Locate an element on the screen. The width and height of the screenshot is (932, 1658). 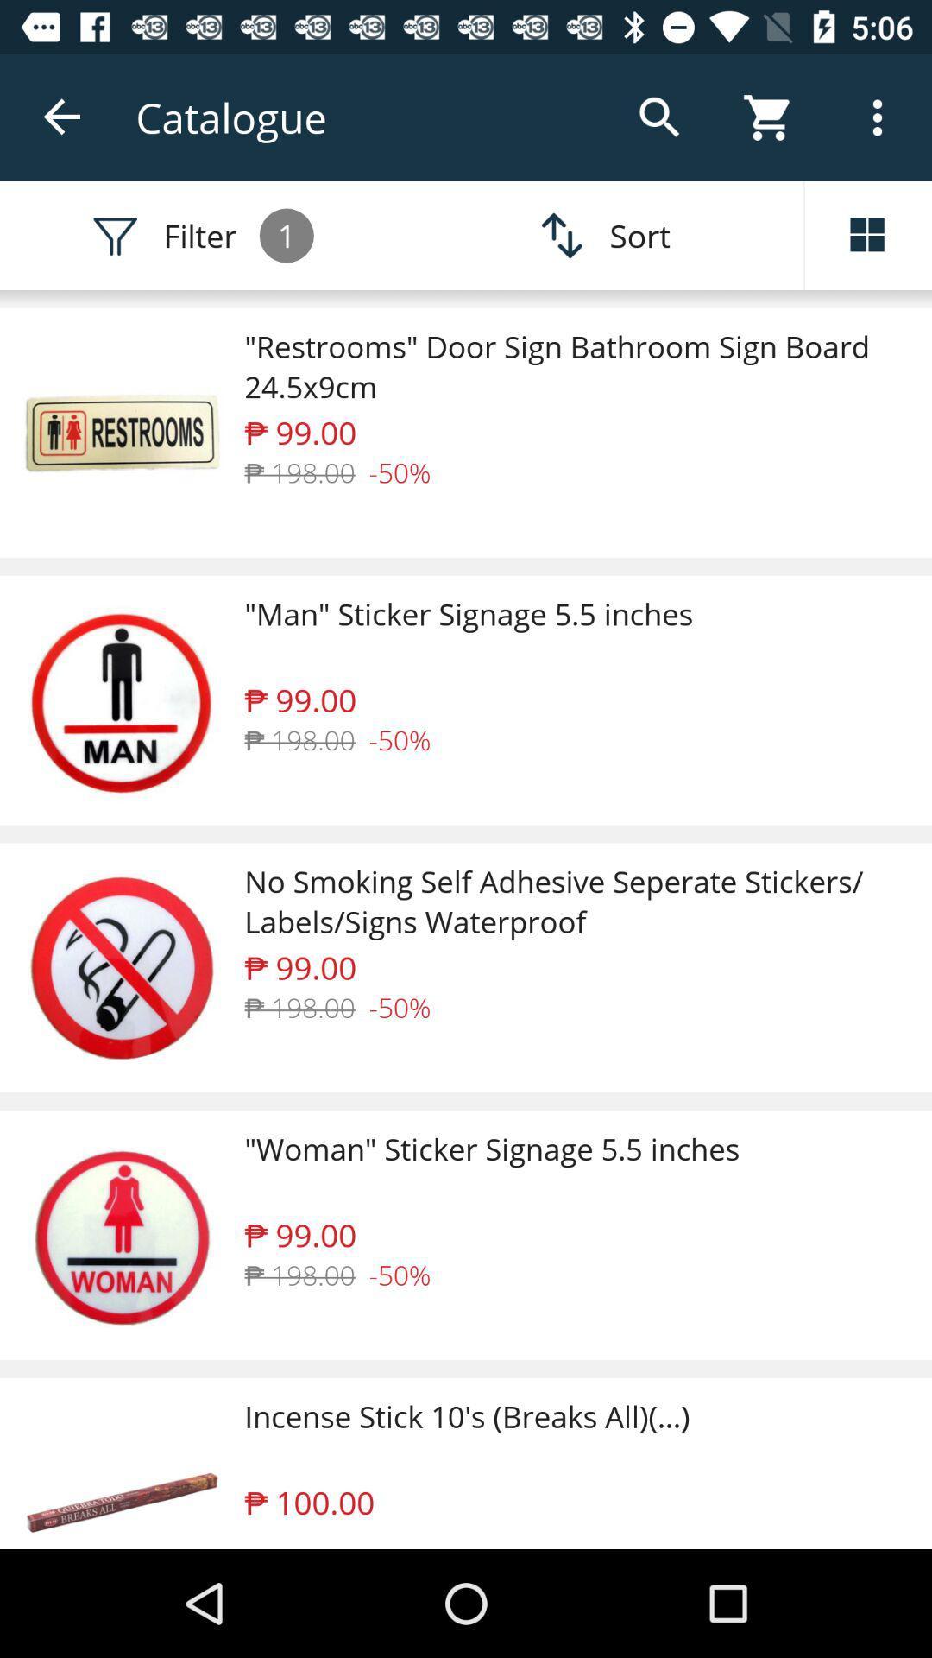
app to the left of the catalogue icon is located at coordinates (62, 117).